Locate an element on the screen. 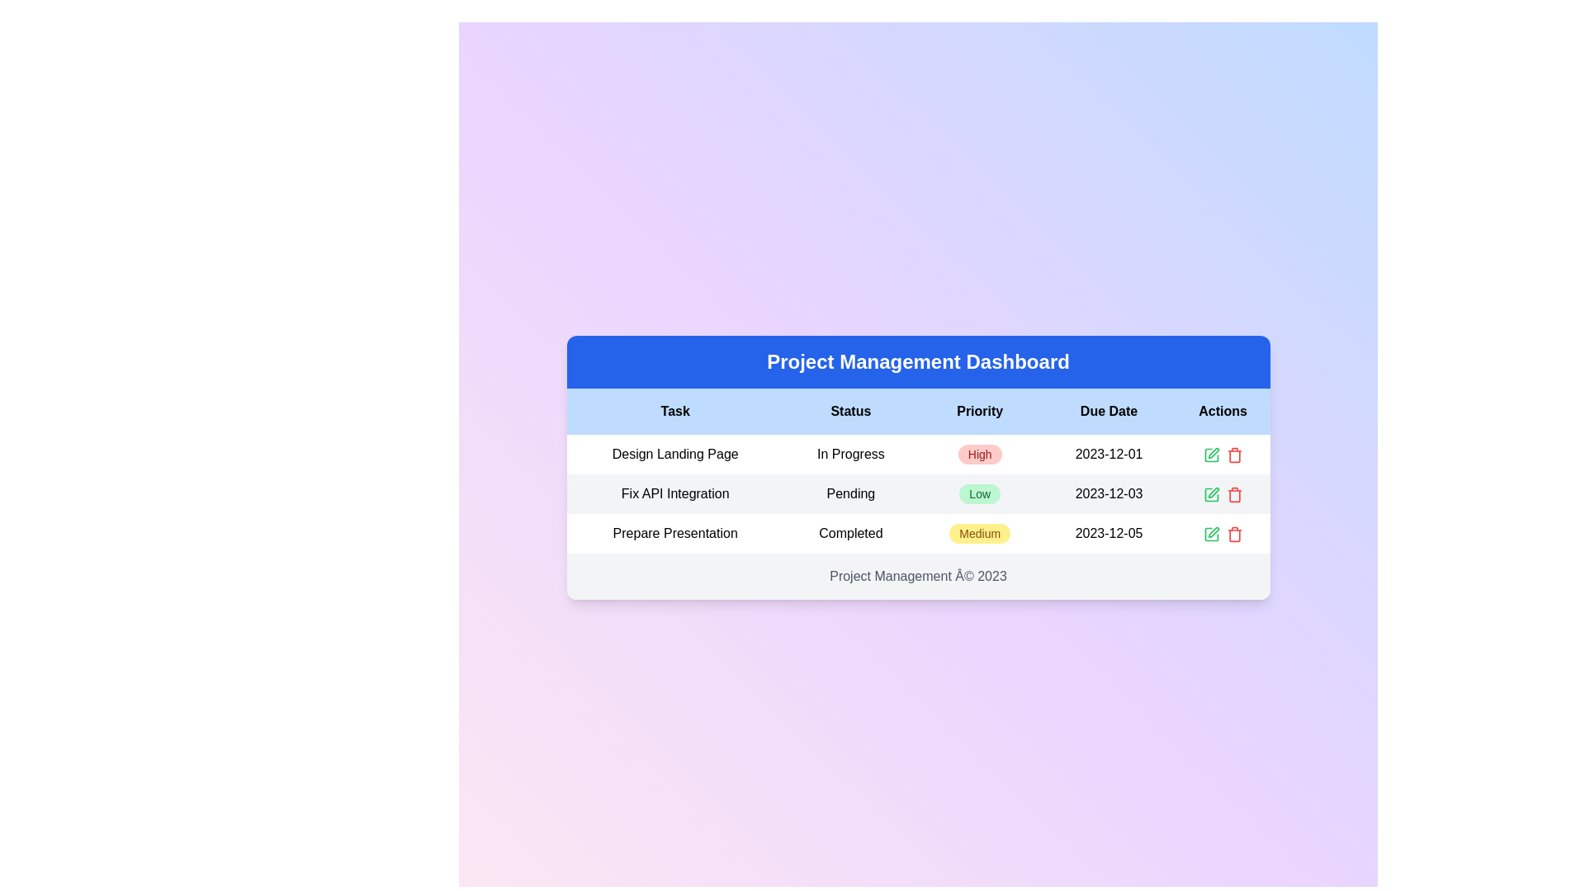  the third row in the task information table is located at coordinates (917, 534).